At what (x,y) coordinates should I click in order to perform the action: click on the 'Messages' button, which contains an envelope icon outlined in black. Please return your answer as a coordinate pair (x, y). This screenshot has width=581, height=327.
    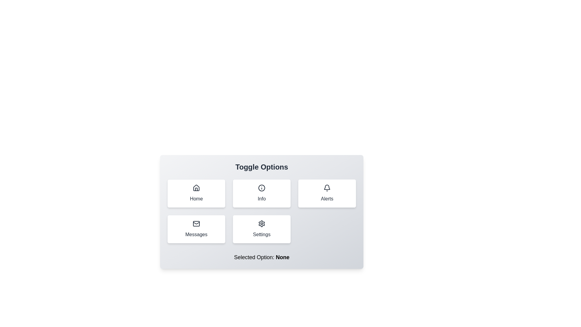
    Looking at the image, I should click on (196, 224).